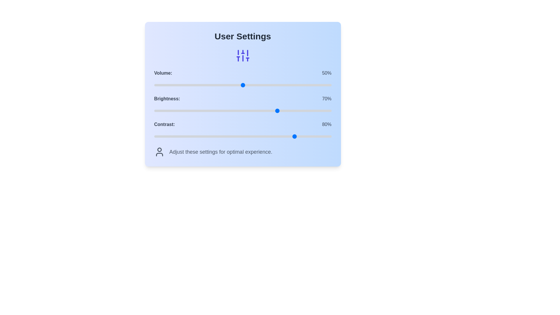 The width and height of the screenshot is (560, 315). What do you see at coordinates (191, 111) in the screenshot?
I see `the brightness level` at bounding box center [191, 111].